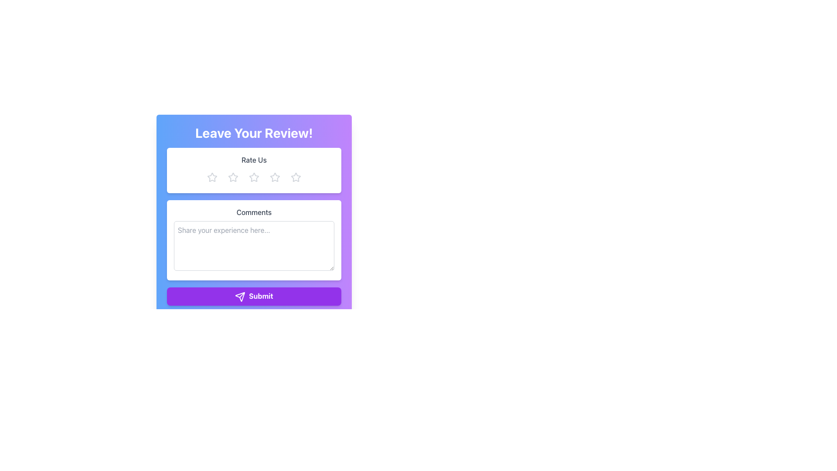 The image size is (837, 471). I want to click on the 'Comments' text label, which is centrally located at the top of the comment input section, styled in gray with medium-sized bold font, so click(253, 212).